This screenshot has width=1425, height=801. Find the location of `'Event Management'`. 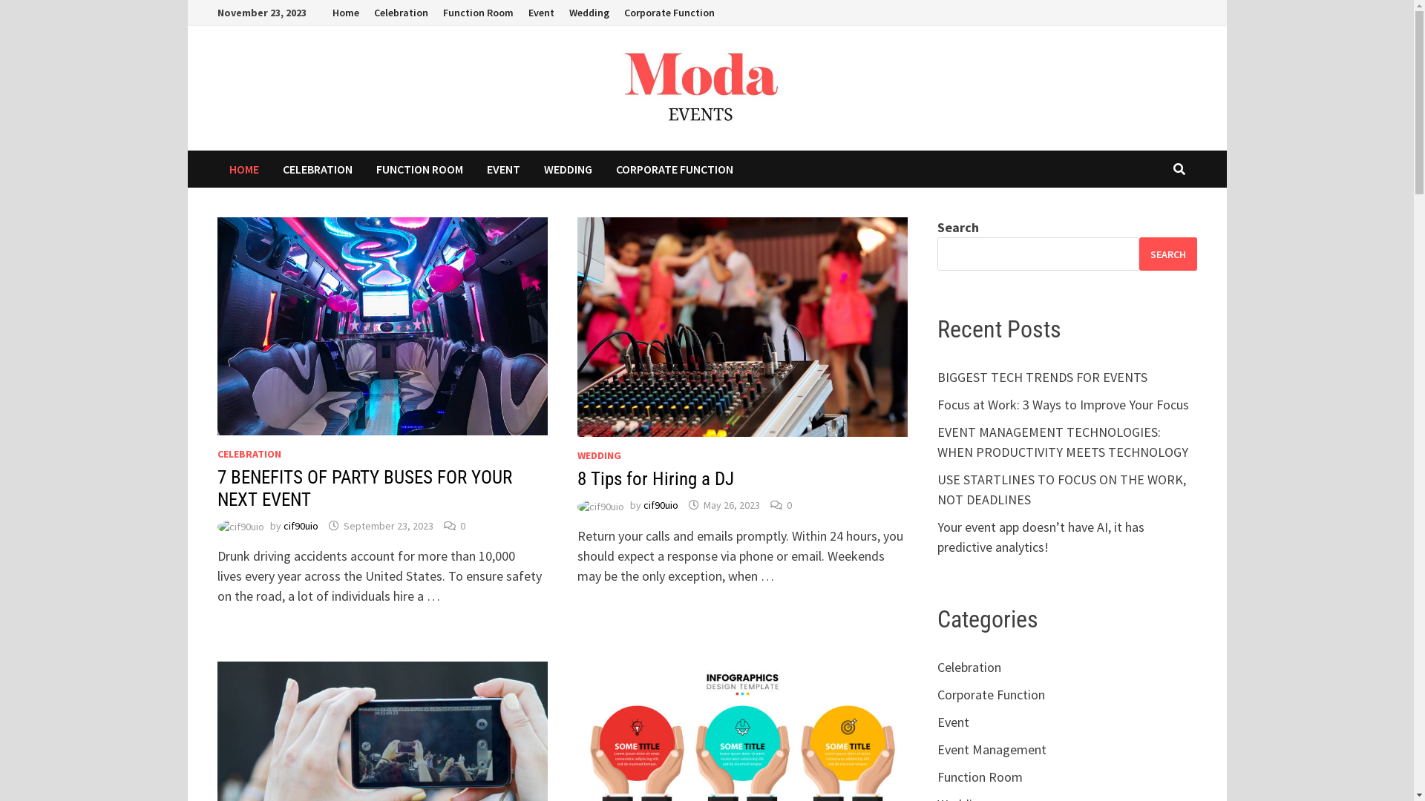

'Event Management' is located at coordinates (992, 749).